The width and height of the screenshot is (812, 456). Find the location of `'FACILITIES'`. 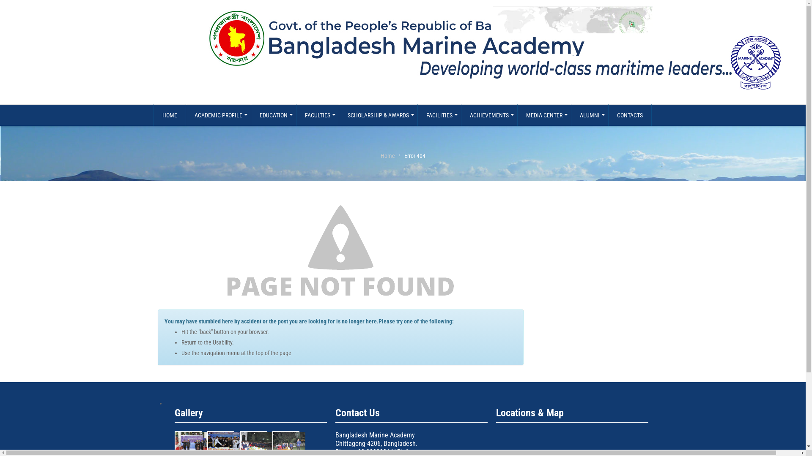

'FACILITIES' is located at coordinates (439, 115).